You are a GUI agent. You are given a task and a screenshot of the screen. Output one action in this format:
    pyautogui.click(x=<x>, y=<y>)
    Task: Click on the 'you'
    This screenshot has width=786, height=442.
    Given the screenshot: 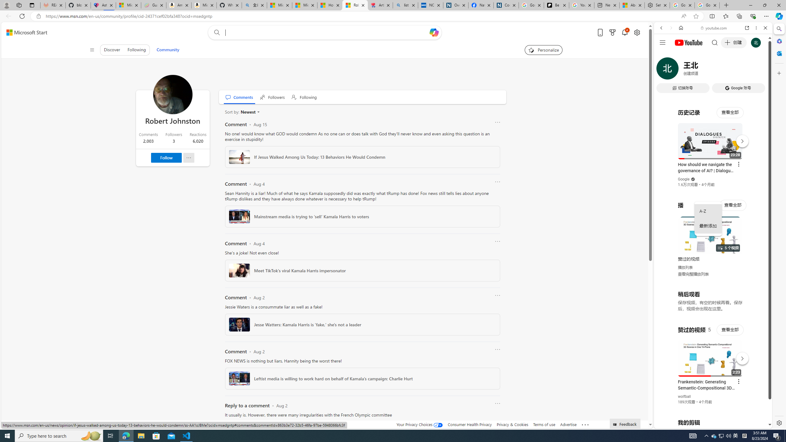 What is the action you would take?
    pyautogui.click(x=710, y=408)
    